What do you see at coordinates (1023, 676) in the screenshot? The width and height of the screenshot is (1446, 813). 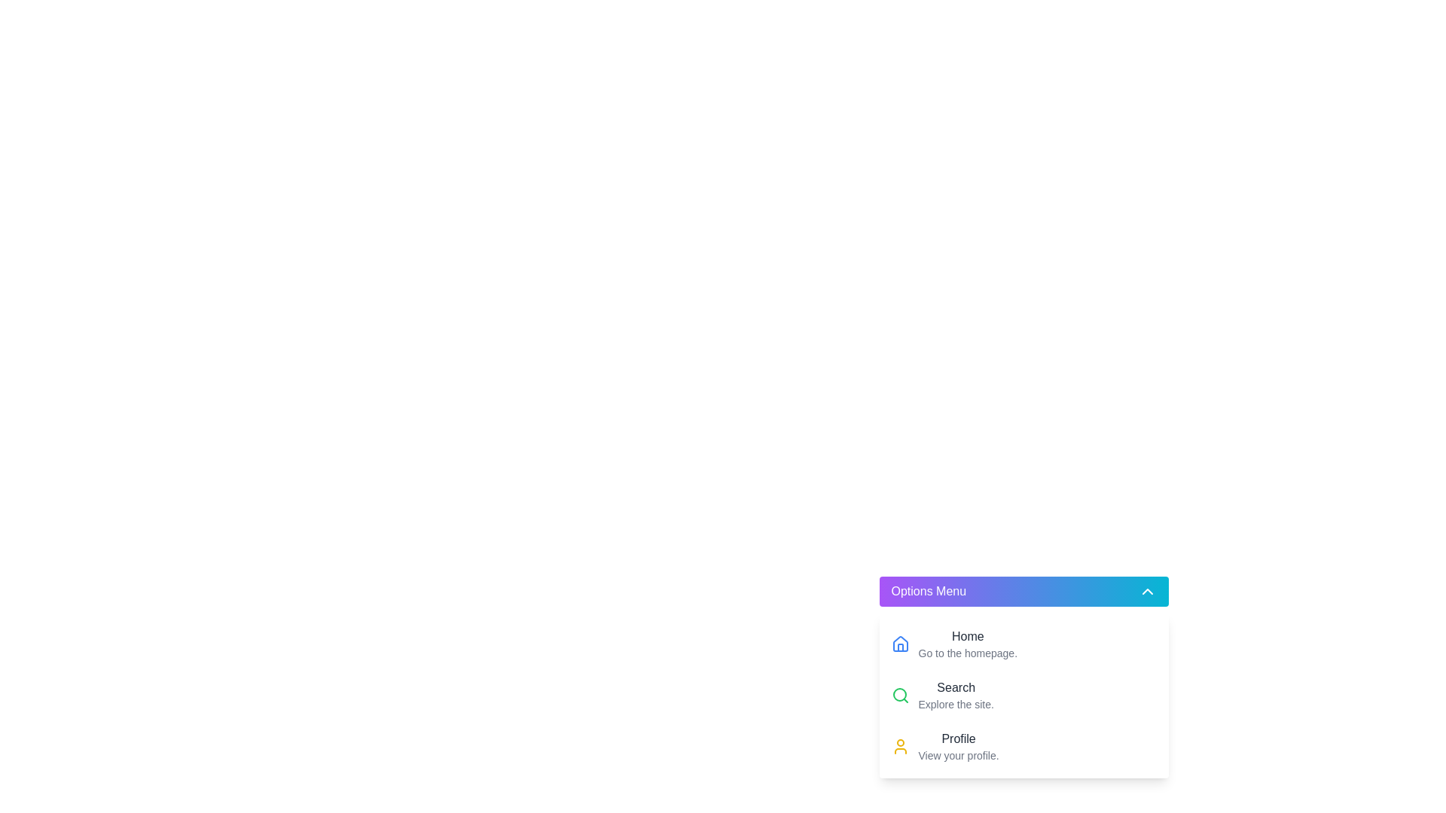 I see `the second menu option in the 'Options Menu' dropdown` at bounding box center [1023, 676].